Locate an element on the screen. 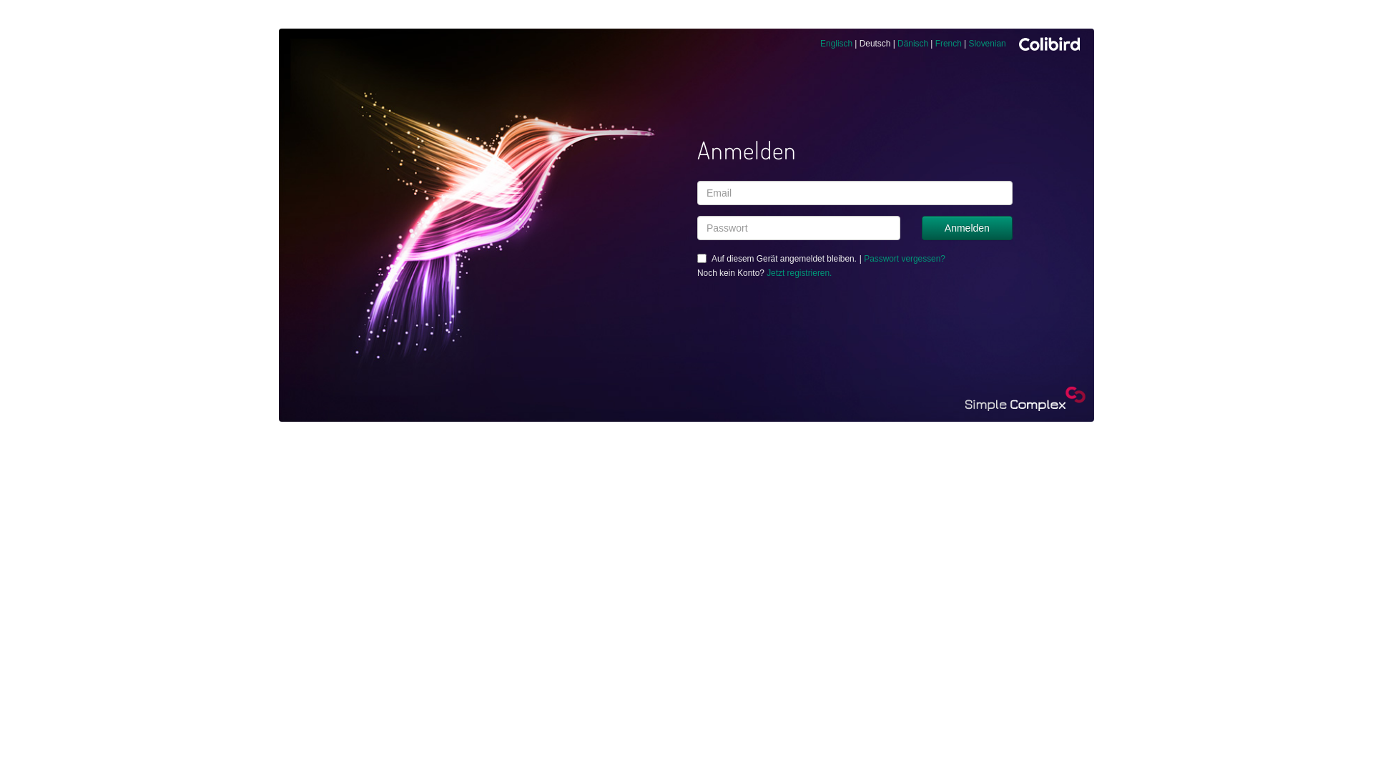 This screenshot has height=772, width=1373. 'Slovenian' is located at coordinates (968, 43).